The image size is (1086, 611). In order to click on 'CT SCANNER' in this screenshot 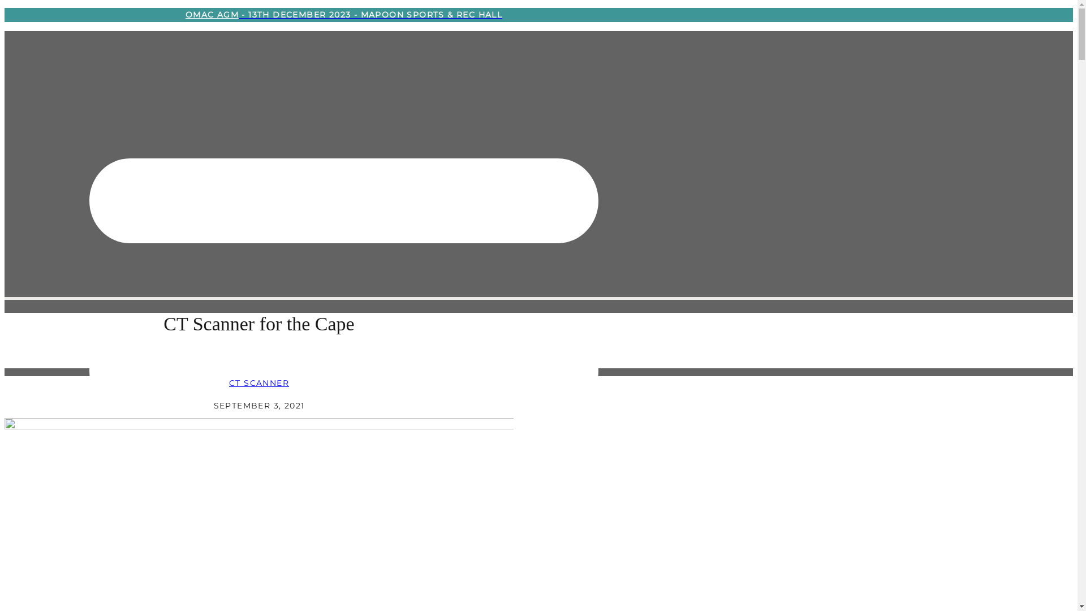, I will do `click(228, 382)`.